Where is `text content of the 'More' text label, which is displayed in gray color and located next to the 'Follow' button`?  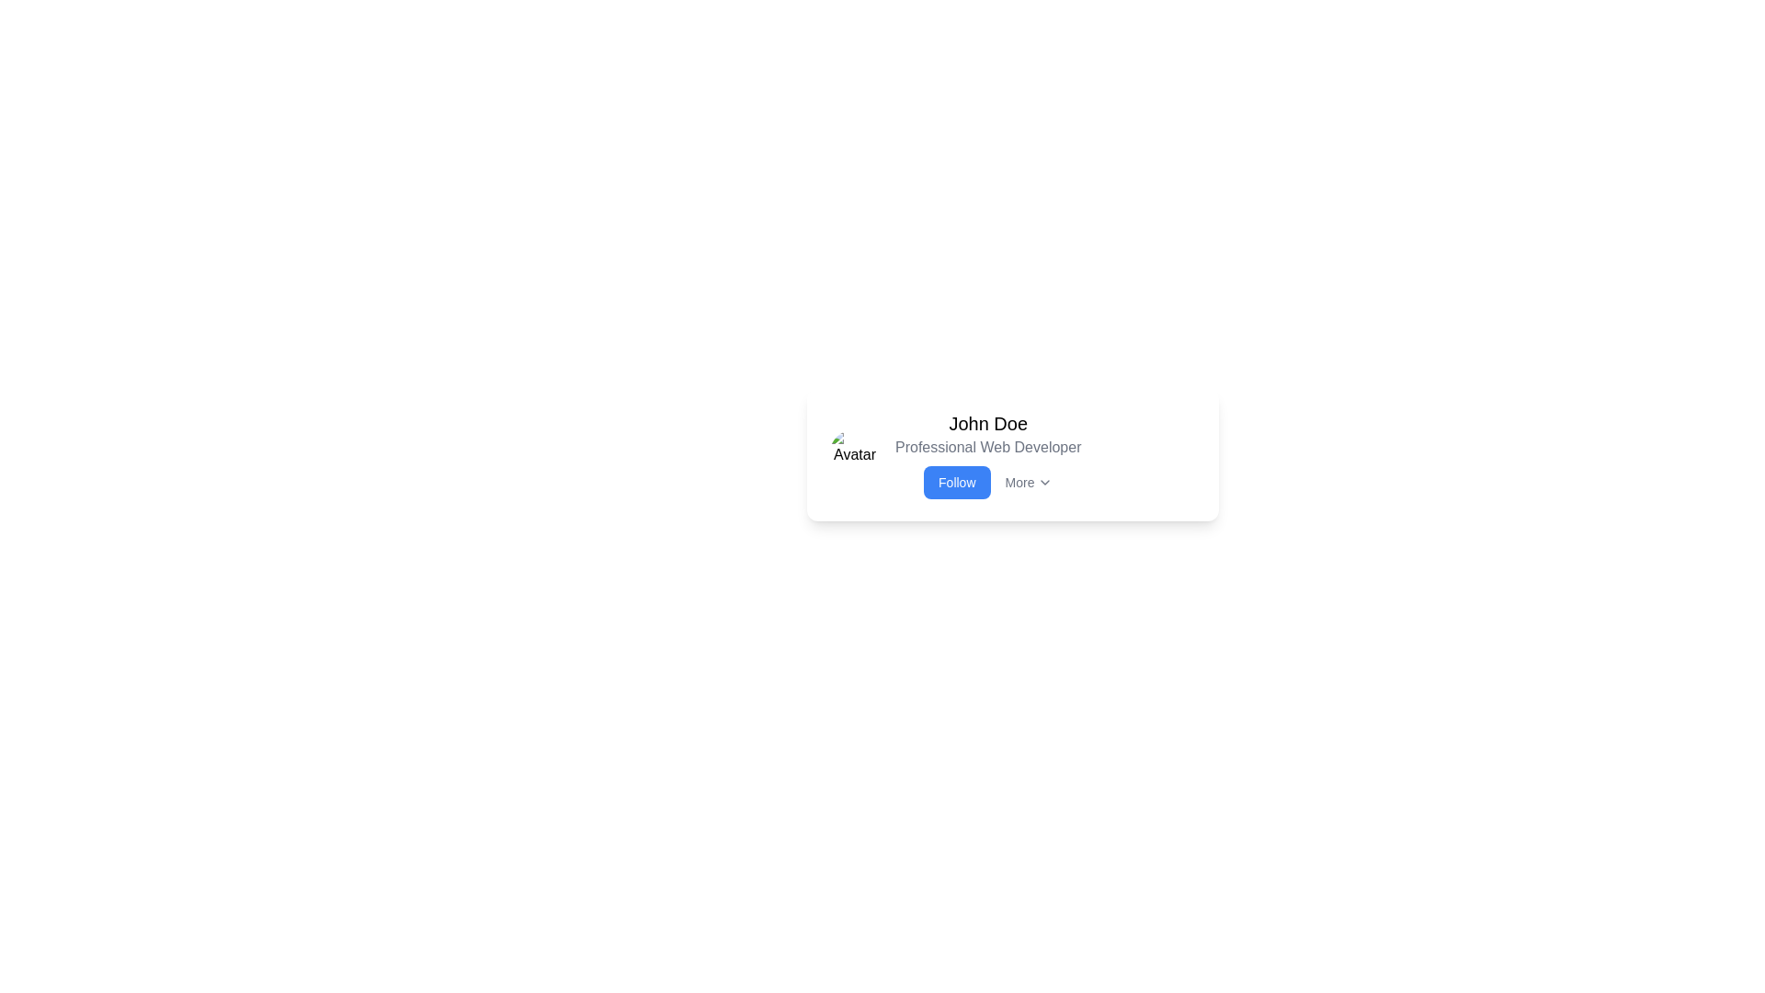 text content of the 'More' text label, which is displayed in gray color and located next to the 'Follow' button is located at coordinates (1019, 481).